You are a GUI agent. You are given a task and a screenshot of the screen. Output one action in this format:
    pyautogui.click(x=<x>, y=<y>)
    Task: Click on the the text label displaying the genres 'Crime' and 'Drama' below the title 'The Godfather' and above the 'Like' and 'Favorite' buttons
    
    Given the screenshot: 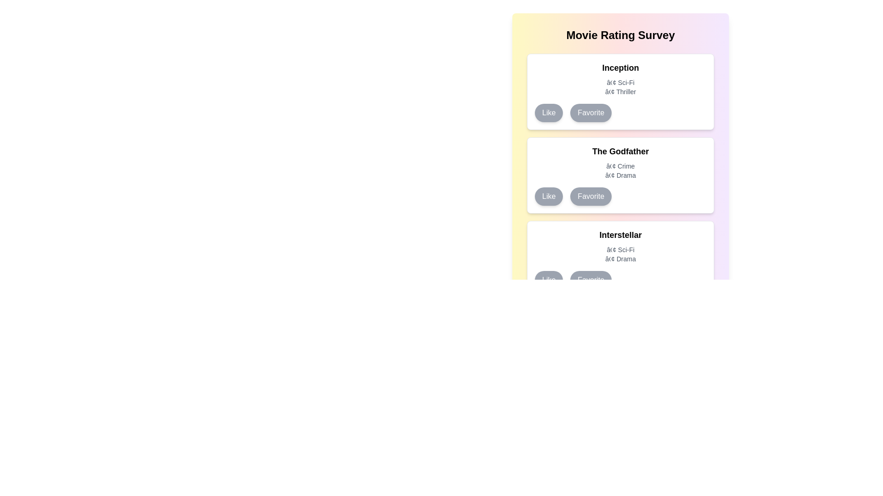 What is the action you would take?
    pyautogui.click(x=620, y=170)
    